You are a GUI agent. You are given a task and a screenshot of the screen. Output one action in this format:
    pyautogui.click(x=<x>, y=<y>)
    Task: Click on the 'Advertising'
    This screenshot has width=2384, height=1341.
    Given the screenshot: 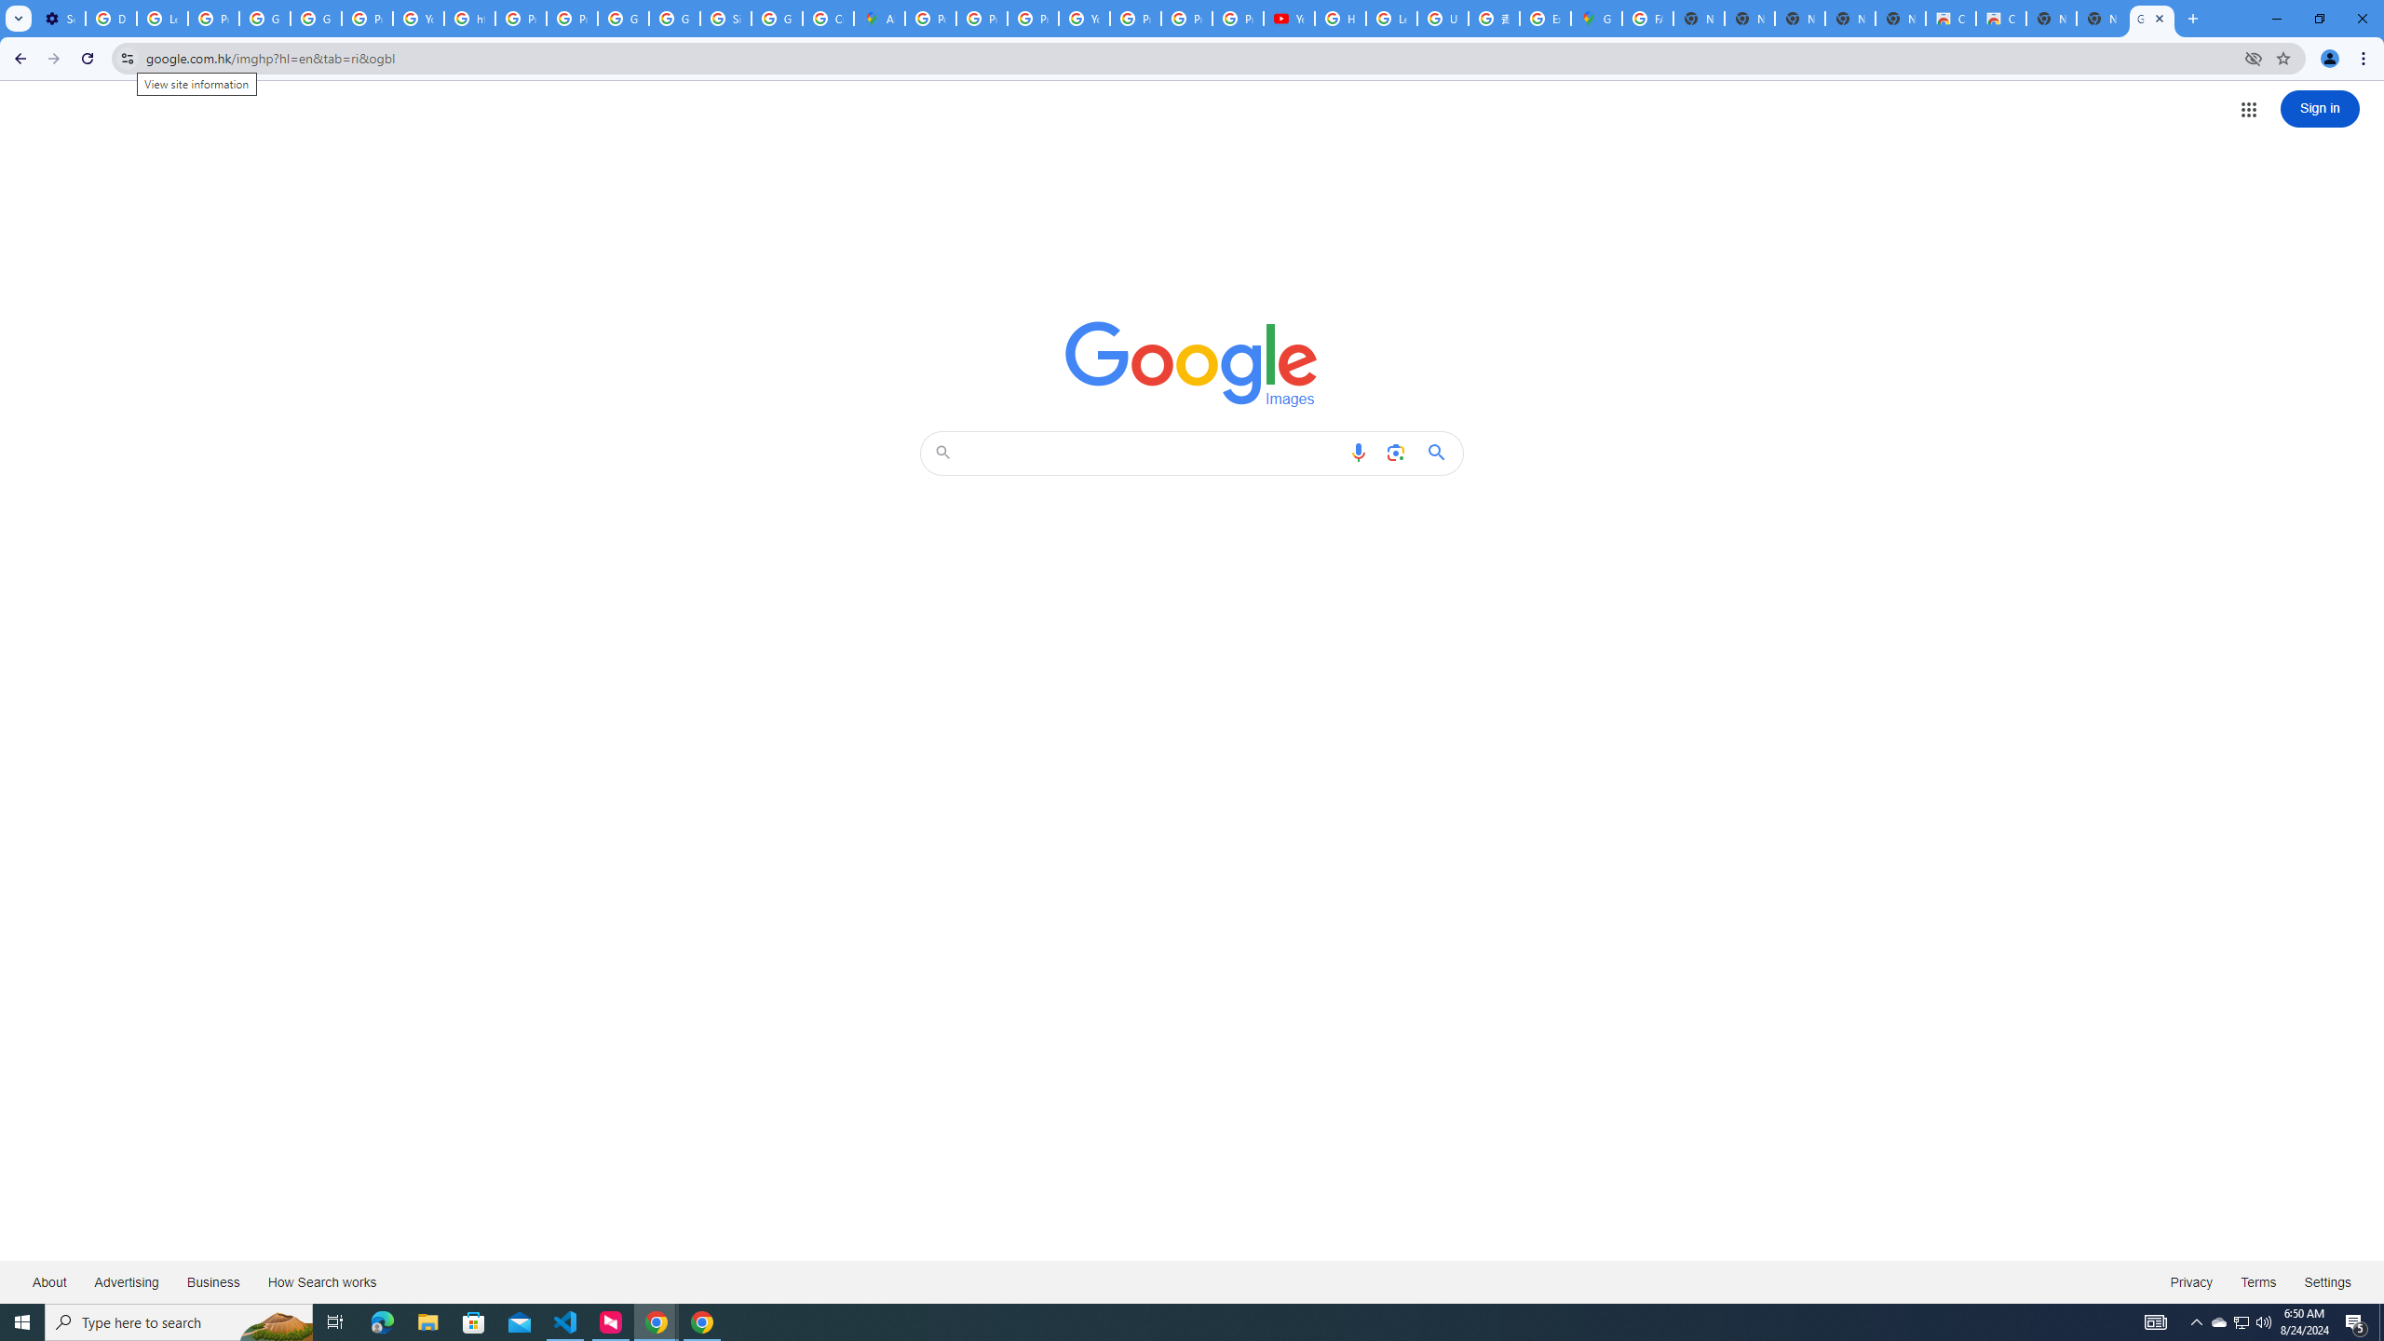 What is the action you would take?
    pyautogui.click(x=126, y=1280)
    